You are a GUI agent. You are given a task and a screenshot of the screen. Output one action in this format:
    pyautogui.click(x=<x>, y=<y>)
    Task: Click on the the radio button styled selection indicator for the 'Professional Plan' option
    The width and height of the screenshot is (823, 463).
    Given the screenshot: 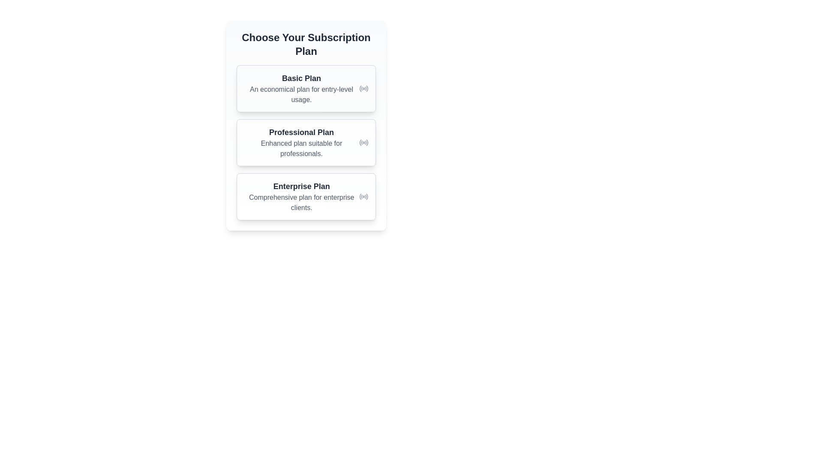 What is the action you would take?
    pyautogui.click(x=364, y=142)
    